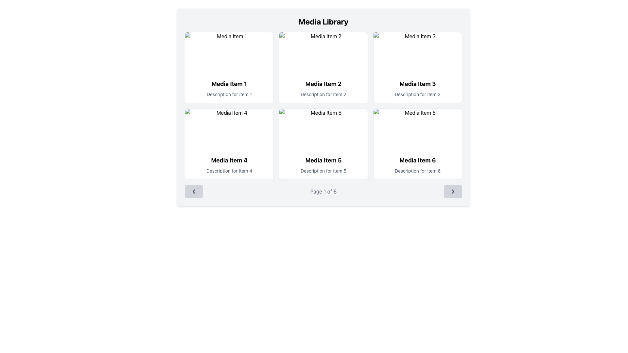 The height and width of the screenshot is (353, 628). Describe the element at coordinates (229, 84) in the screenshot. I see `text label that displays 'Media Item 1', which is styled in bold and large font, located above the description text in the upper-left card of the media grid` at that location.